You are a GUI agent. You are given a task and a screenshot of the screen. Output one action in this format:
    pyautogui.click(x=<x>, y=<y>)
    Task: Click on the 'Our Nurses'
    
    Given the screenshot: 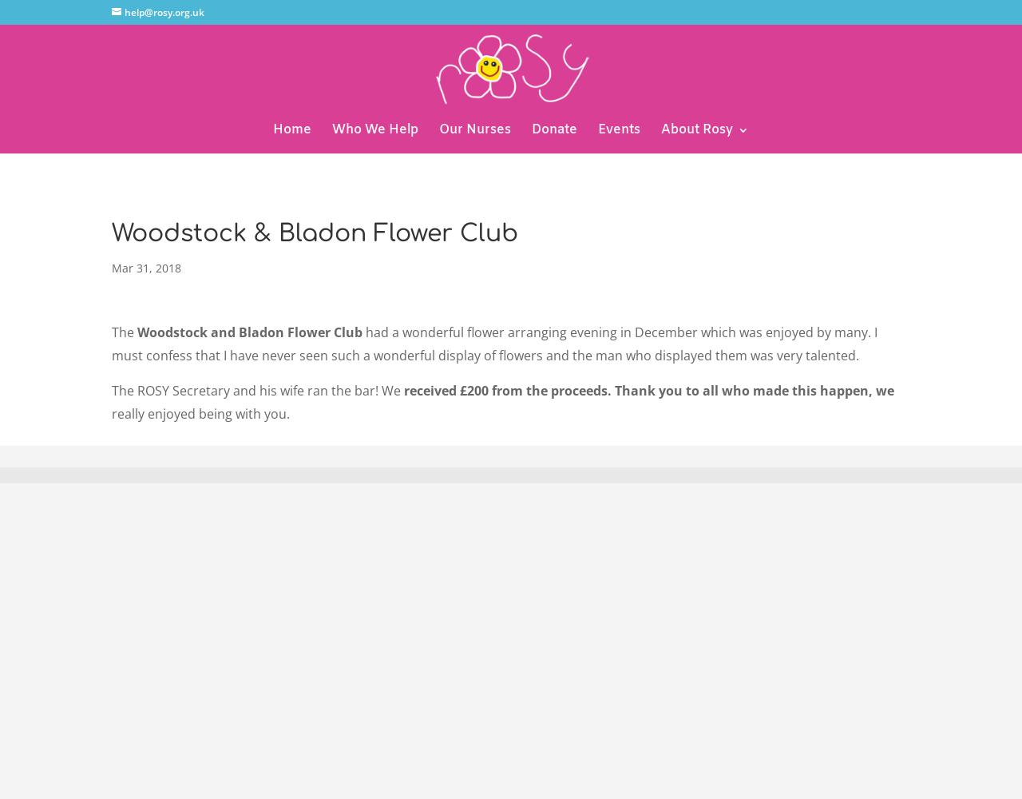 What is the action you would take?
    pyautogui.click(x=473, y=129)
    